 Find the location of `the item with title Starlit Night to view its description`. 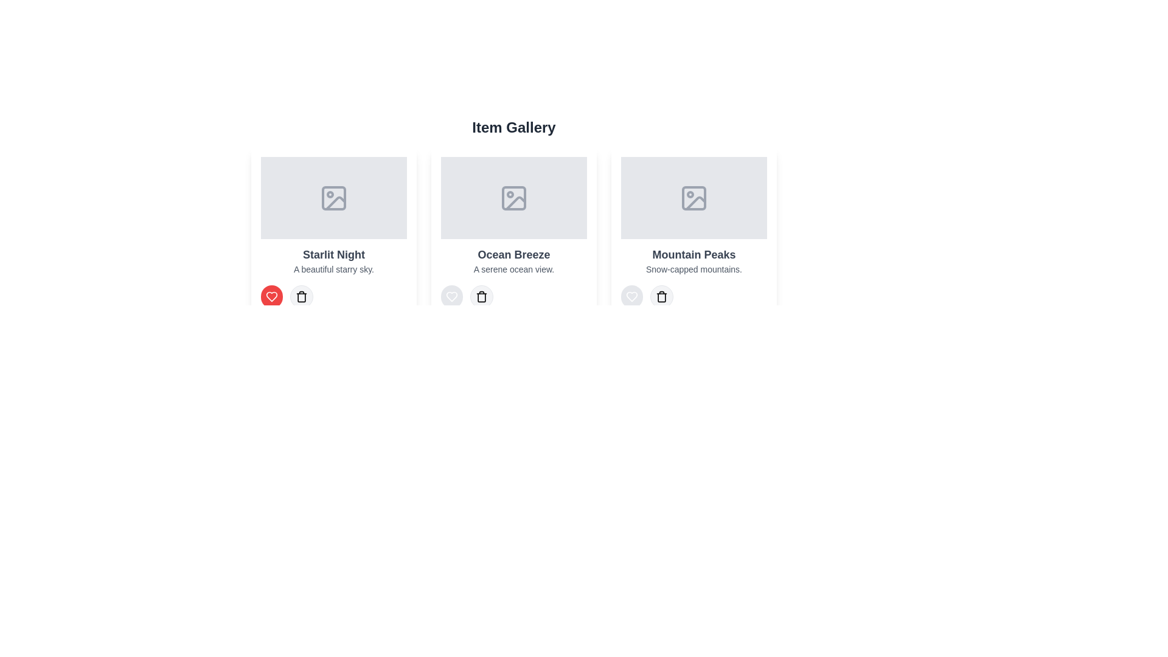

the item with title Starlit Night to view its description is located at coordinates (333, 232).